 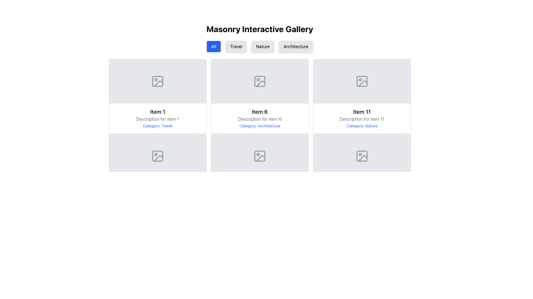 What do you see at coordinates (213, 46) in the screenshot?
I see `the 'All' button, which is the first button in a row of four buttons ('All', 'Travel', 'Nature', 'Architecture') located beneath the header 'Masonry Interactive Gallery'` at bounding box center [213, 46].